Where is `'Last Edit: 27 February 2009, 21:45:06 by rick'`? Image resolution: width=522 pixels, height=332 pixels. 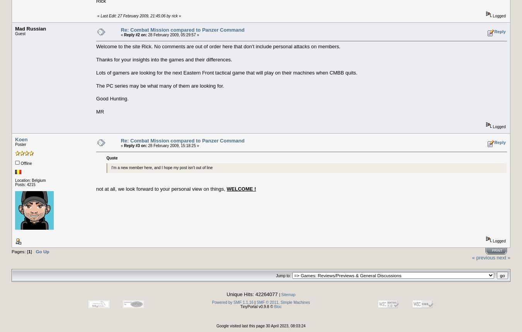 'Last Edit: 27 February 2009, 21:45:06 by rick' is located at coordinates (139, 16).